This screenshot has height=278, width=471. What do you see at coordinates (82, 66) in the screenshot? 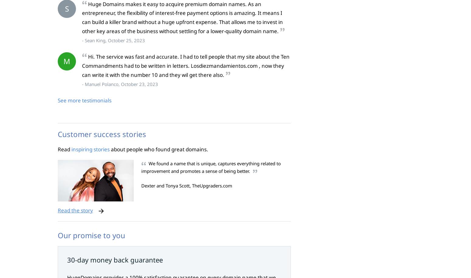
I see `'Hi. The service was fast and accurate.
I had to tell people that my site about the Ten Commandments had to be written in letters. Losdiezmandamientos.com , now they can write it with the number 10 and they wil get there also.'` at bounding box center [82, 66].